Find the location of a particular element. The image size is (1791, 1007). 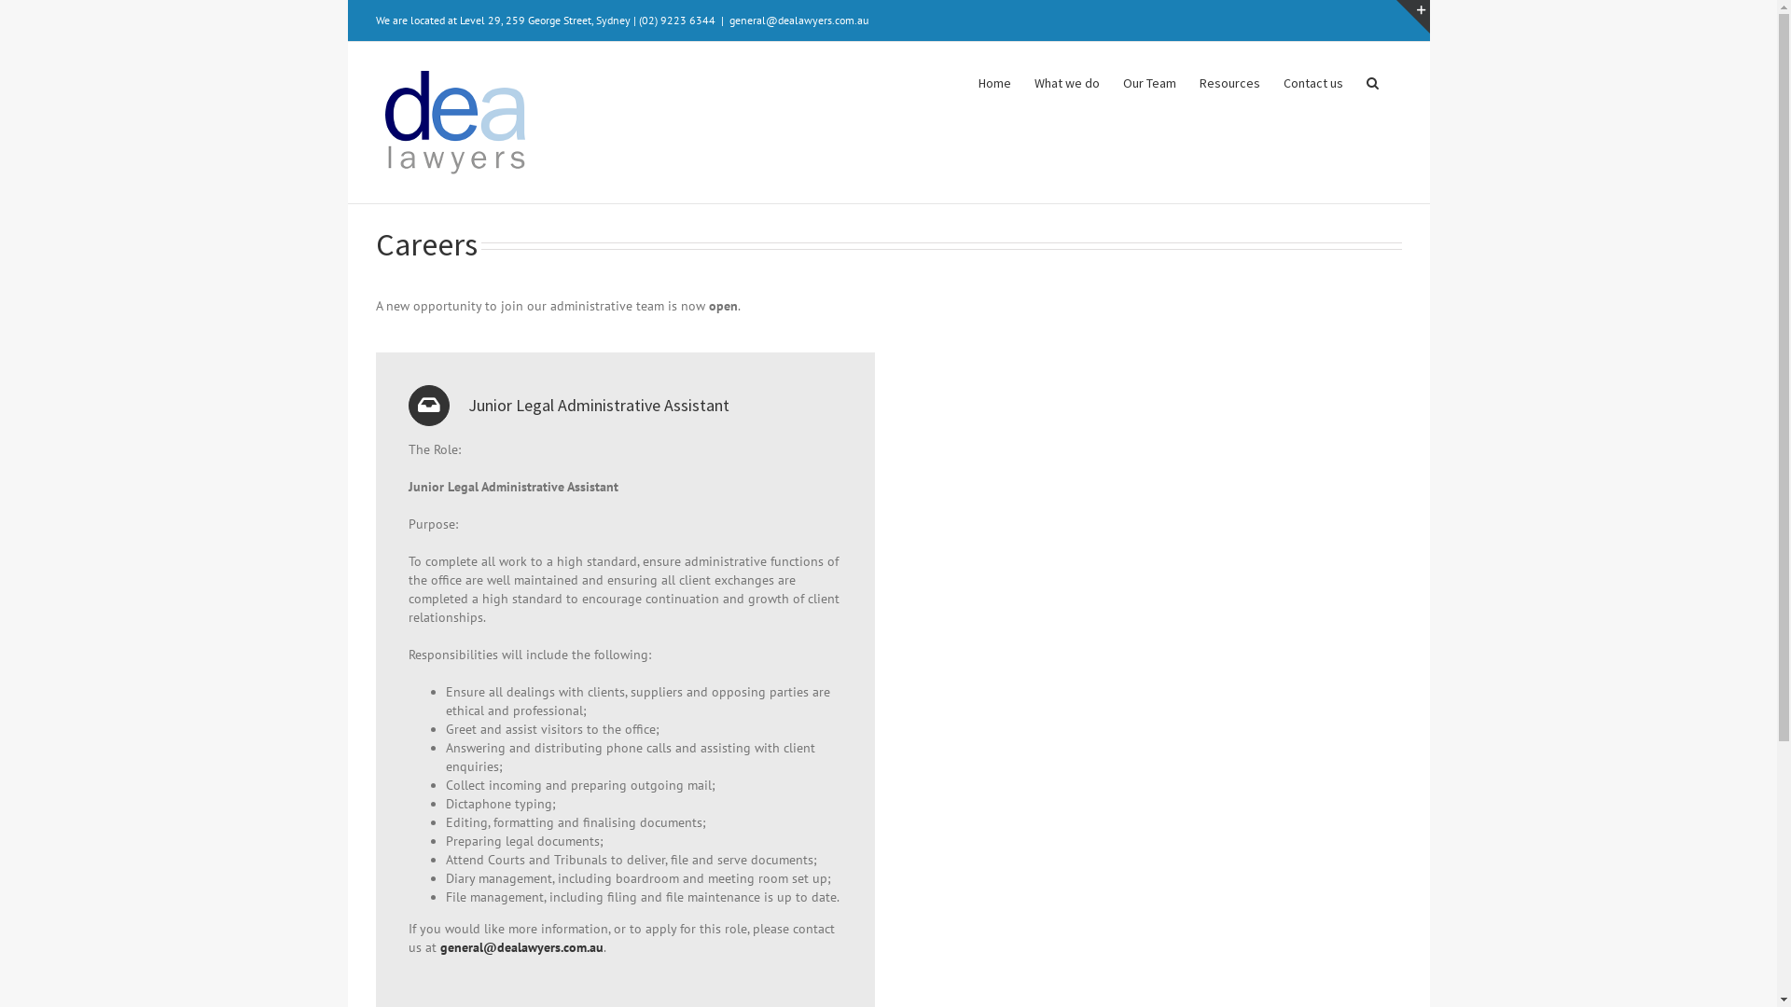

'general@dealawyers.com.au' is located at coordinates (798, 20).